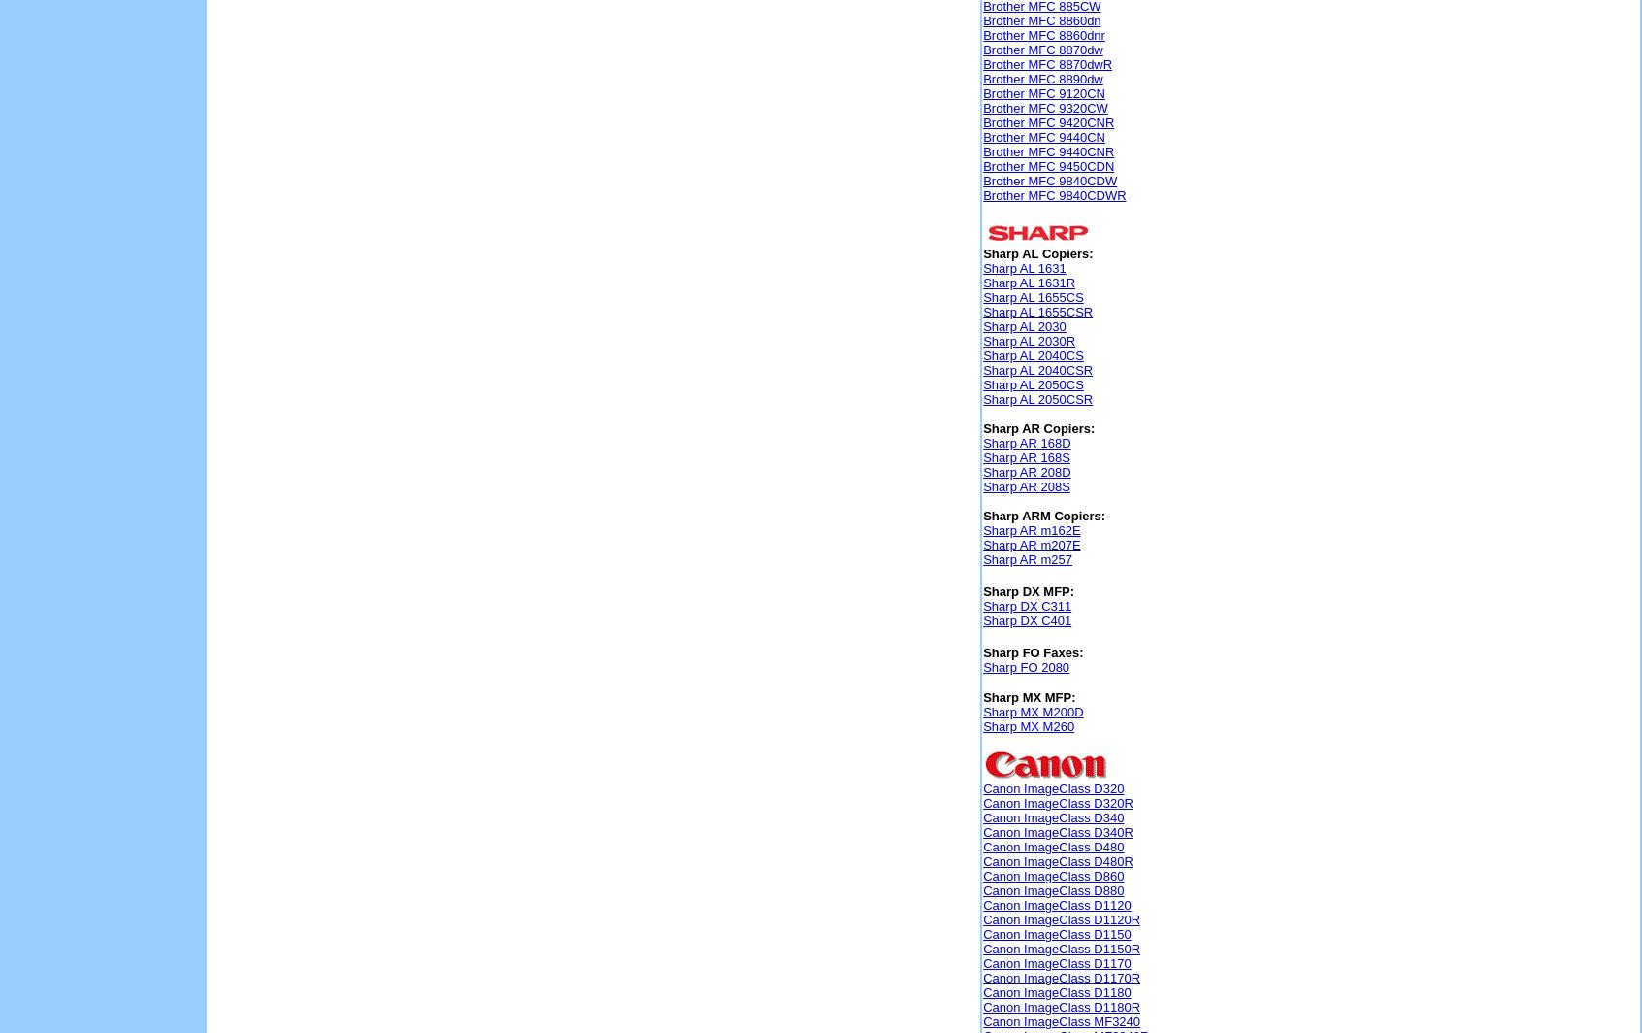 Image resolution: width=1642 pixels, height=1033 pixels. Describe the element at coordinates (1023, 326) in the screenshot. I see `'Sharp AL 2030'` at that location.